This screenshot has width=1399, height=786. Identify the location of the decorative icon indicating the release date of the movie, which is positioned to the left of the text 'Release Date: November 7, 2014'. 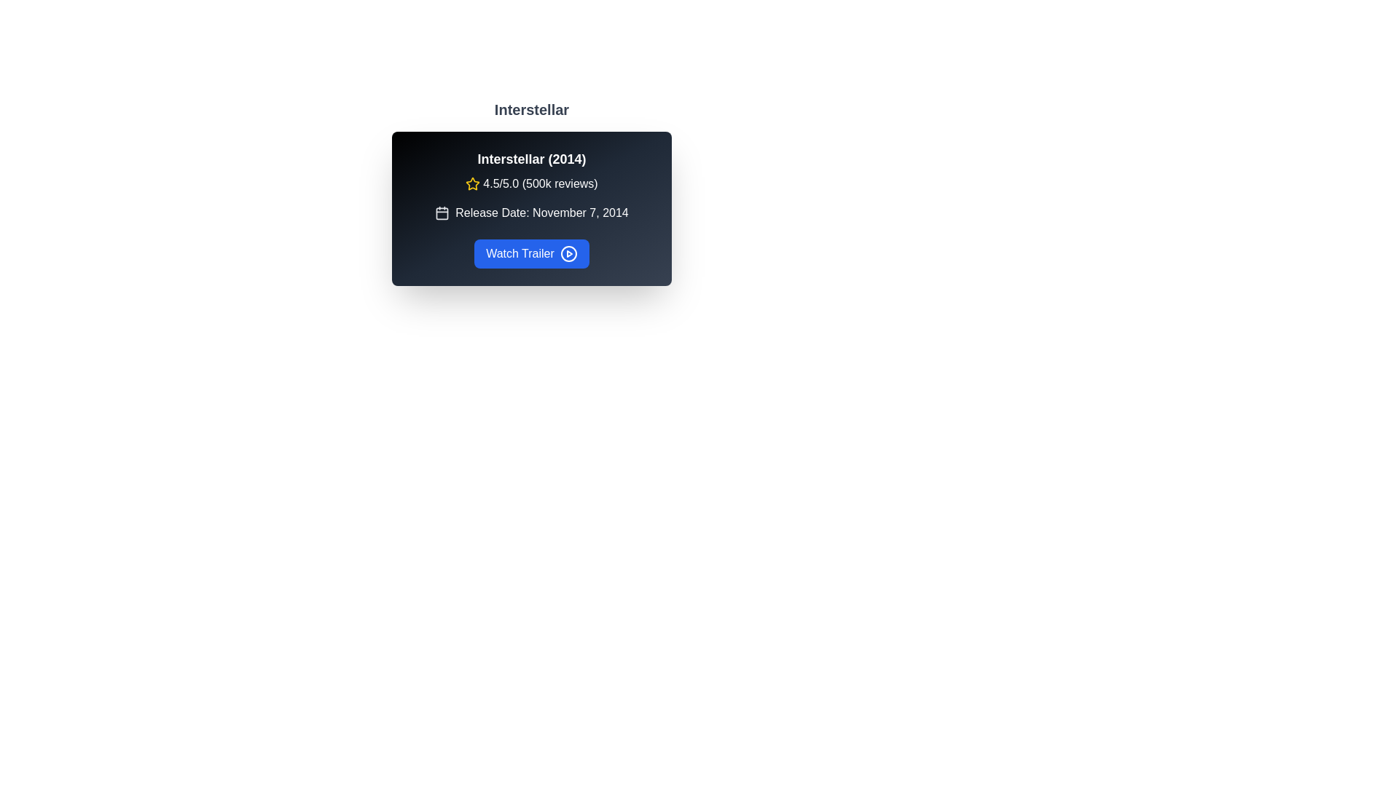
(442, 213).